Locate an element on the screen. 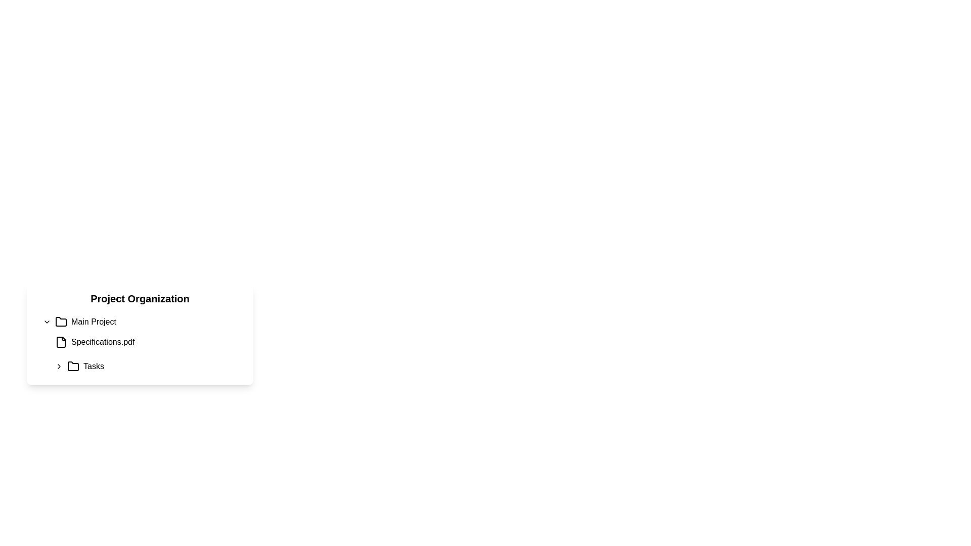 This screenshot has width=971, height=546. the chevron button is located at coordinates (46, 322).